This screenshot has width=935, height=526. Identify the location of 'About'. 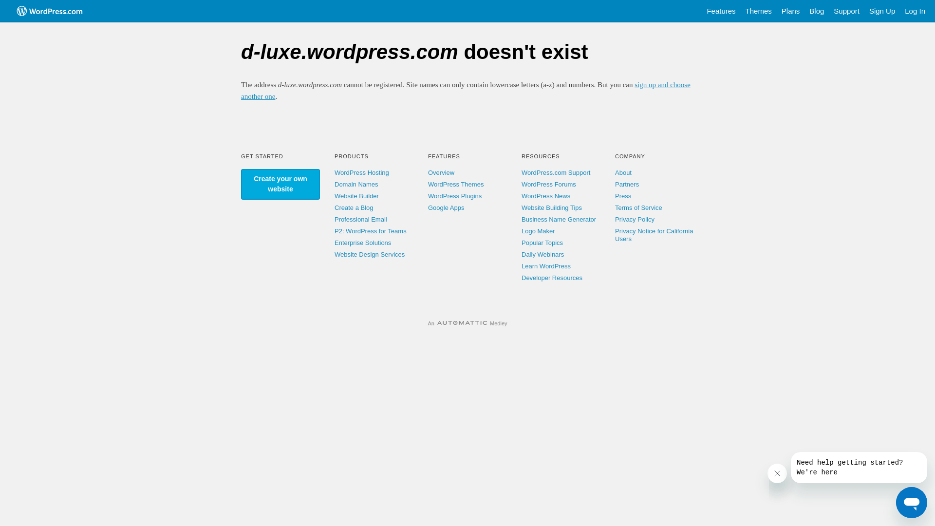
(614, 172).